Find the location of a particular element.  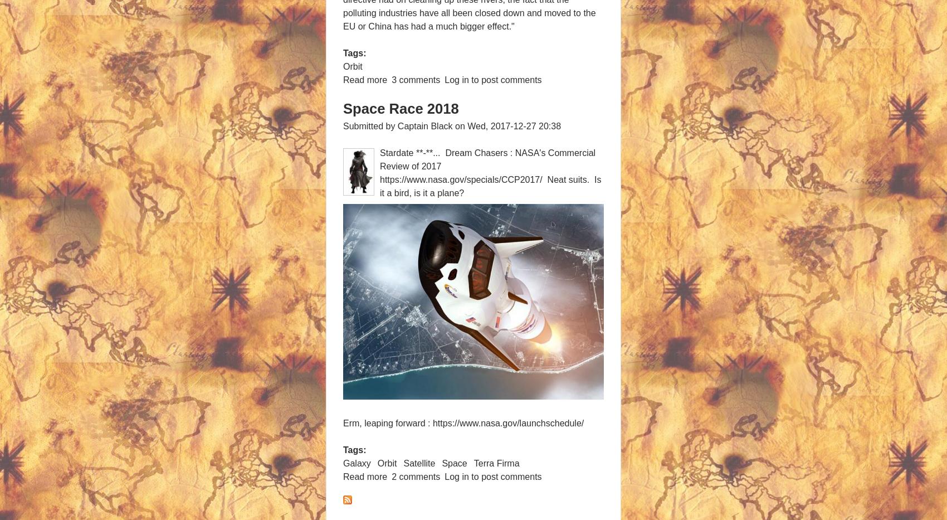

'Wed, 2017-12-27 20:38' is located at coordinates (514, 125).